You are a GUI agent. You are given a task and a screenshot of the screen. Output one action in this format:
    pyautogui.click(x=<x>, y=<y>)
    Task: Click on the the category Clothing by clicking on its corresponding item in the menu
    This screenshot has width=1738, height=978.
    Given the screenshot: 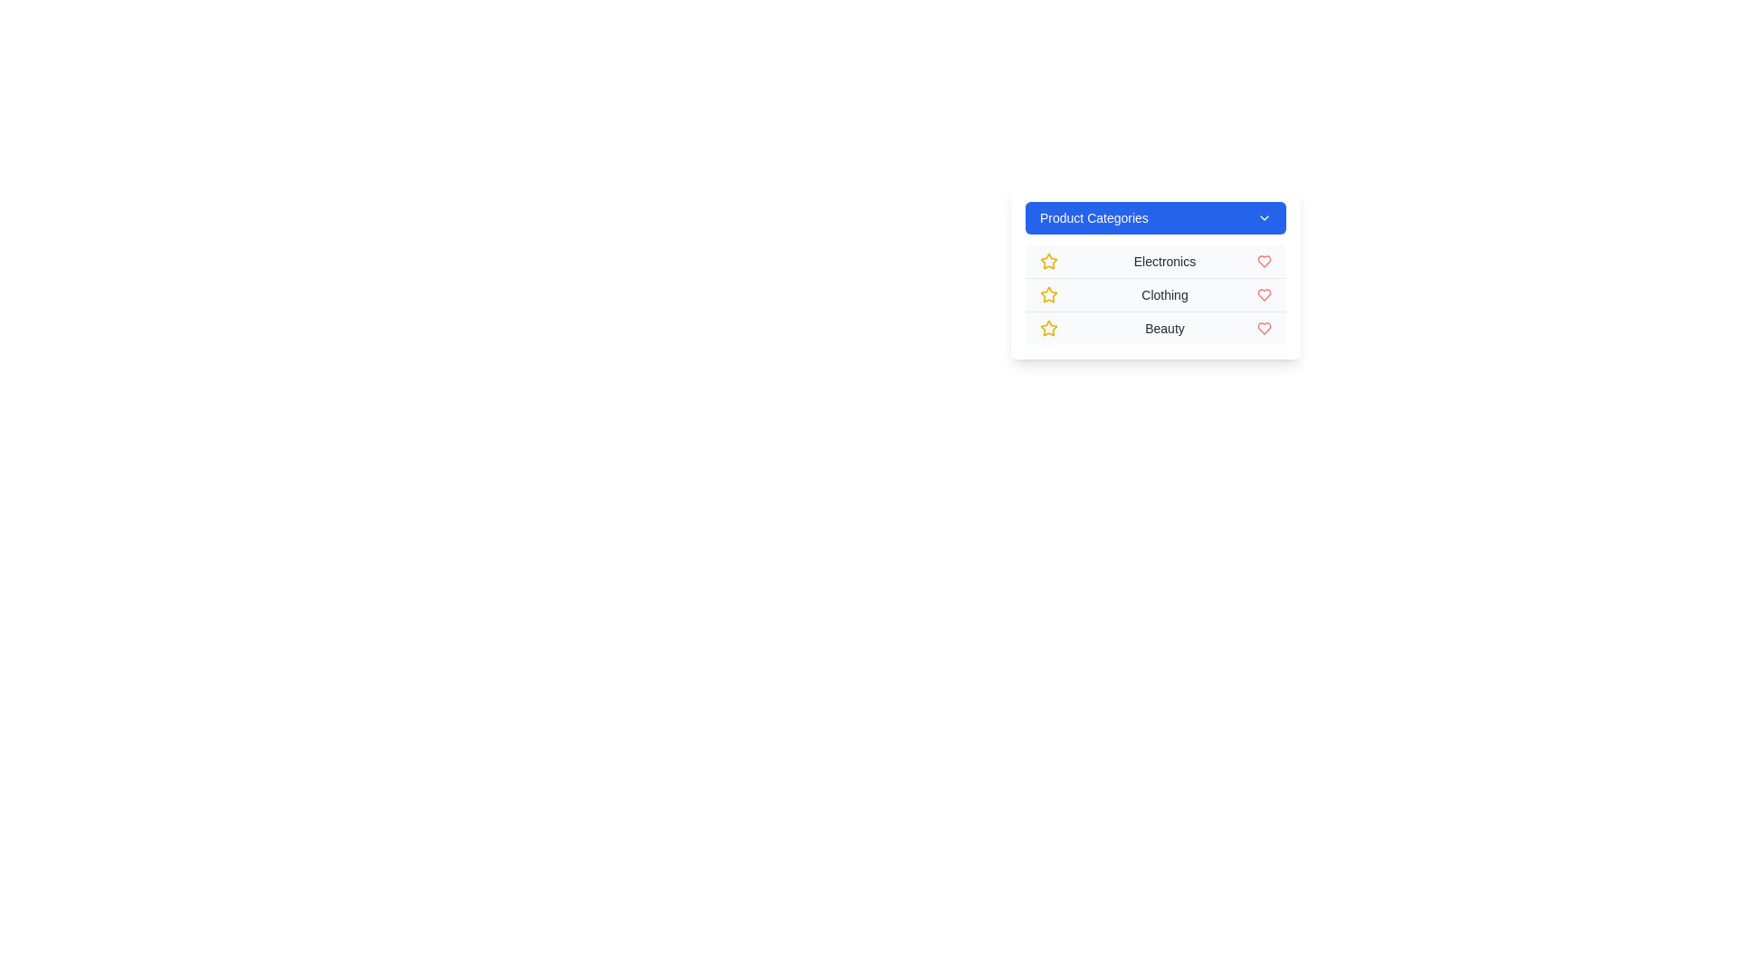 What is the action you would take?
    pyautogui.click(x=1154, y=292)
    